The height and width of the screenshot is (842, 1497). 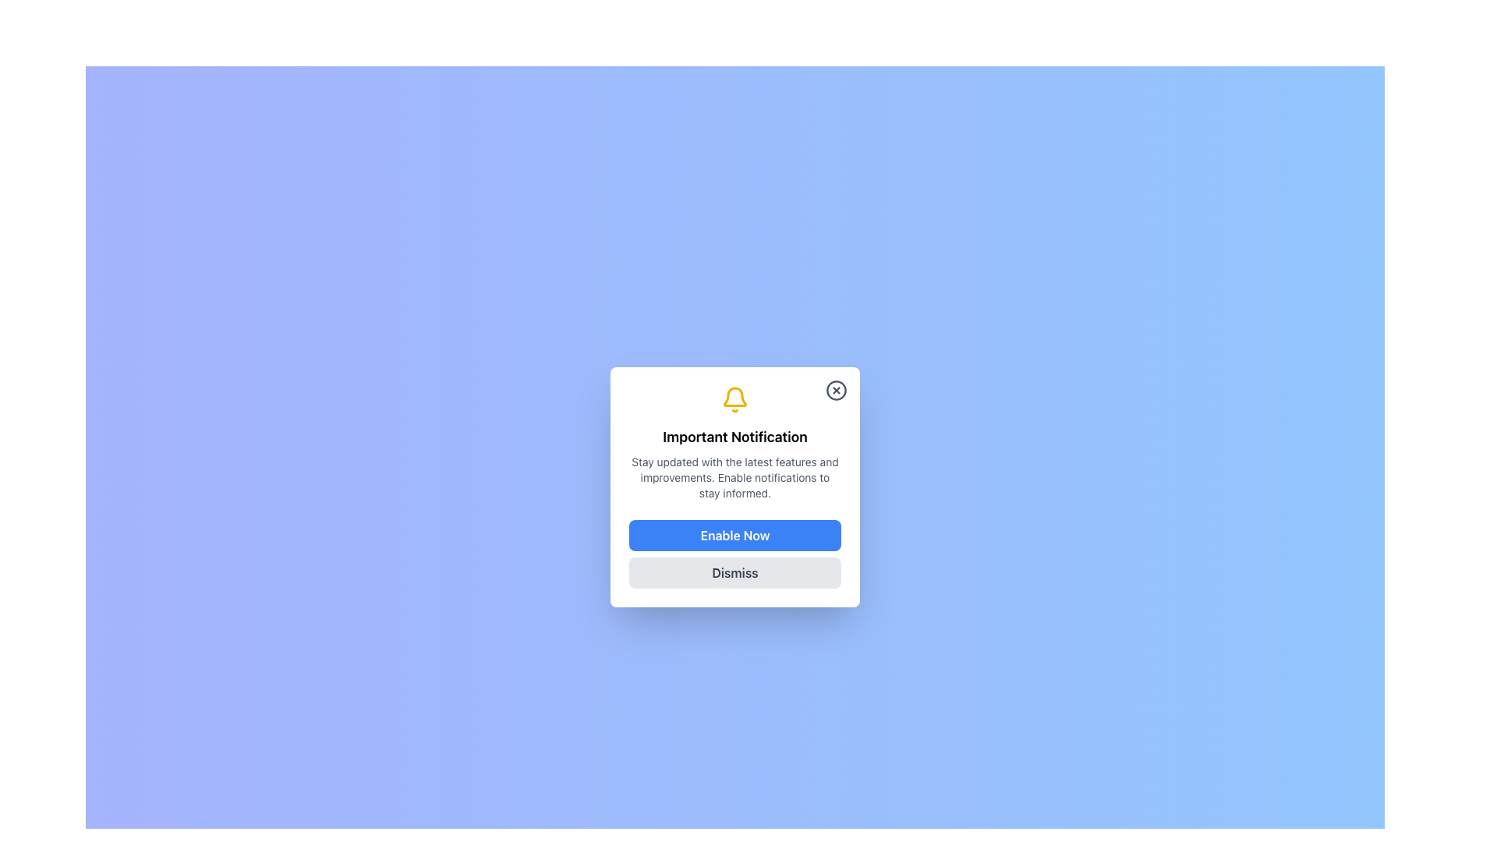 What do you see at coordinates (734, 405) in the screenshot?
I see `the notification icon that is centered horizontally within the notification dialog, positioned directly above the text 'Important Notification'` at bounding box center [734, 405].